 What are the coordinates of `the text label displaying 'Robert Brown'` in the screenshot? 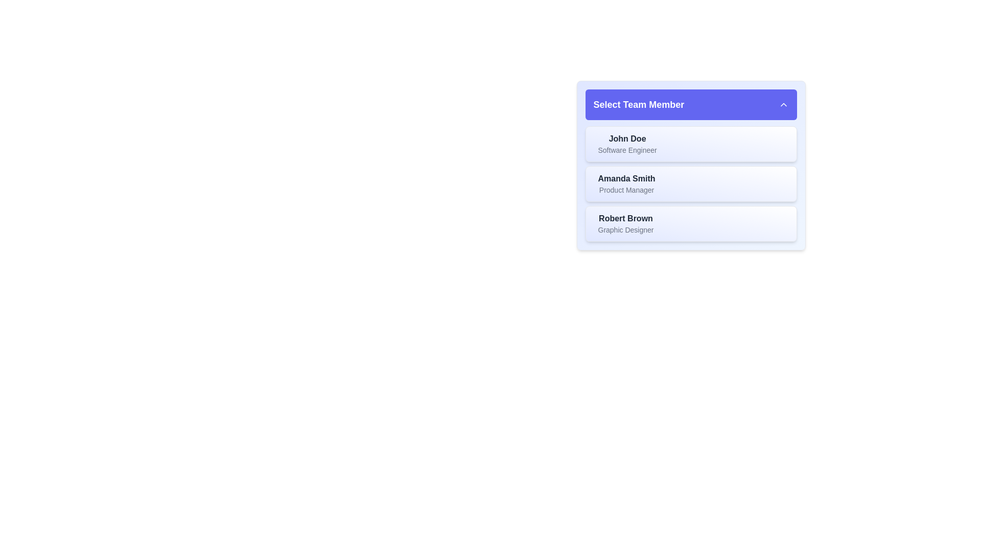 It's located at (625, 218).